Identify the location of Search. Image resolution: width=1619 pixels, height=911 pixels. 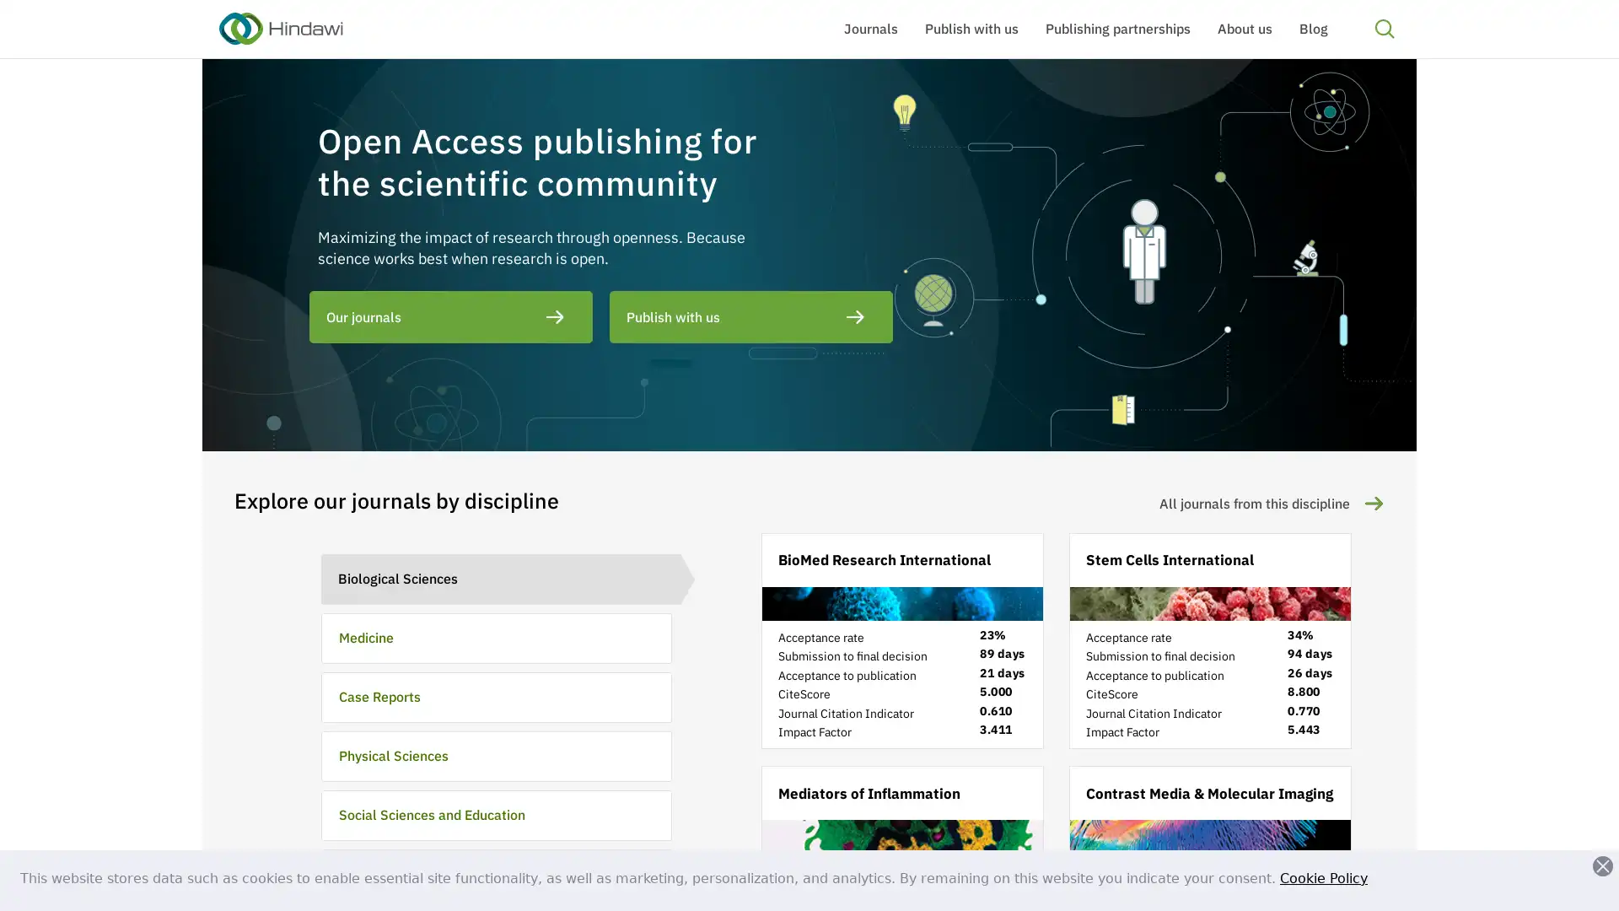
(1384, 29).